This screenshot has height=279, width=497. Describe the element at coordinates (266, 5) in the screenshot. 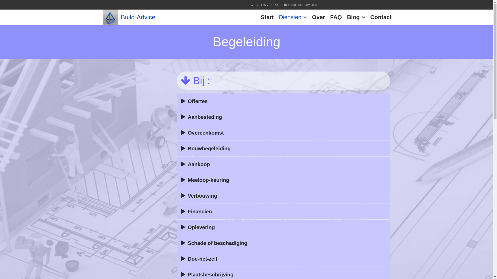

I see `'+32 475 782 756'` at that location.